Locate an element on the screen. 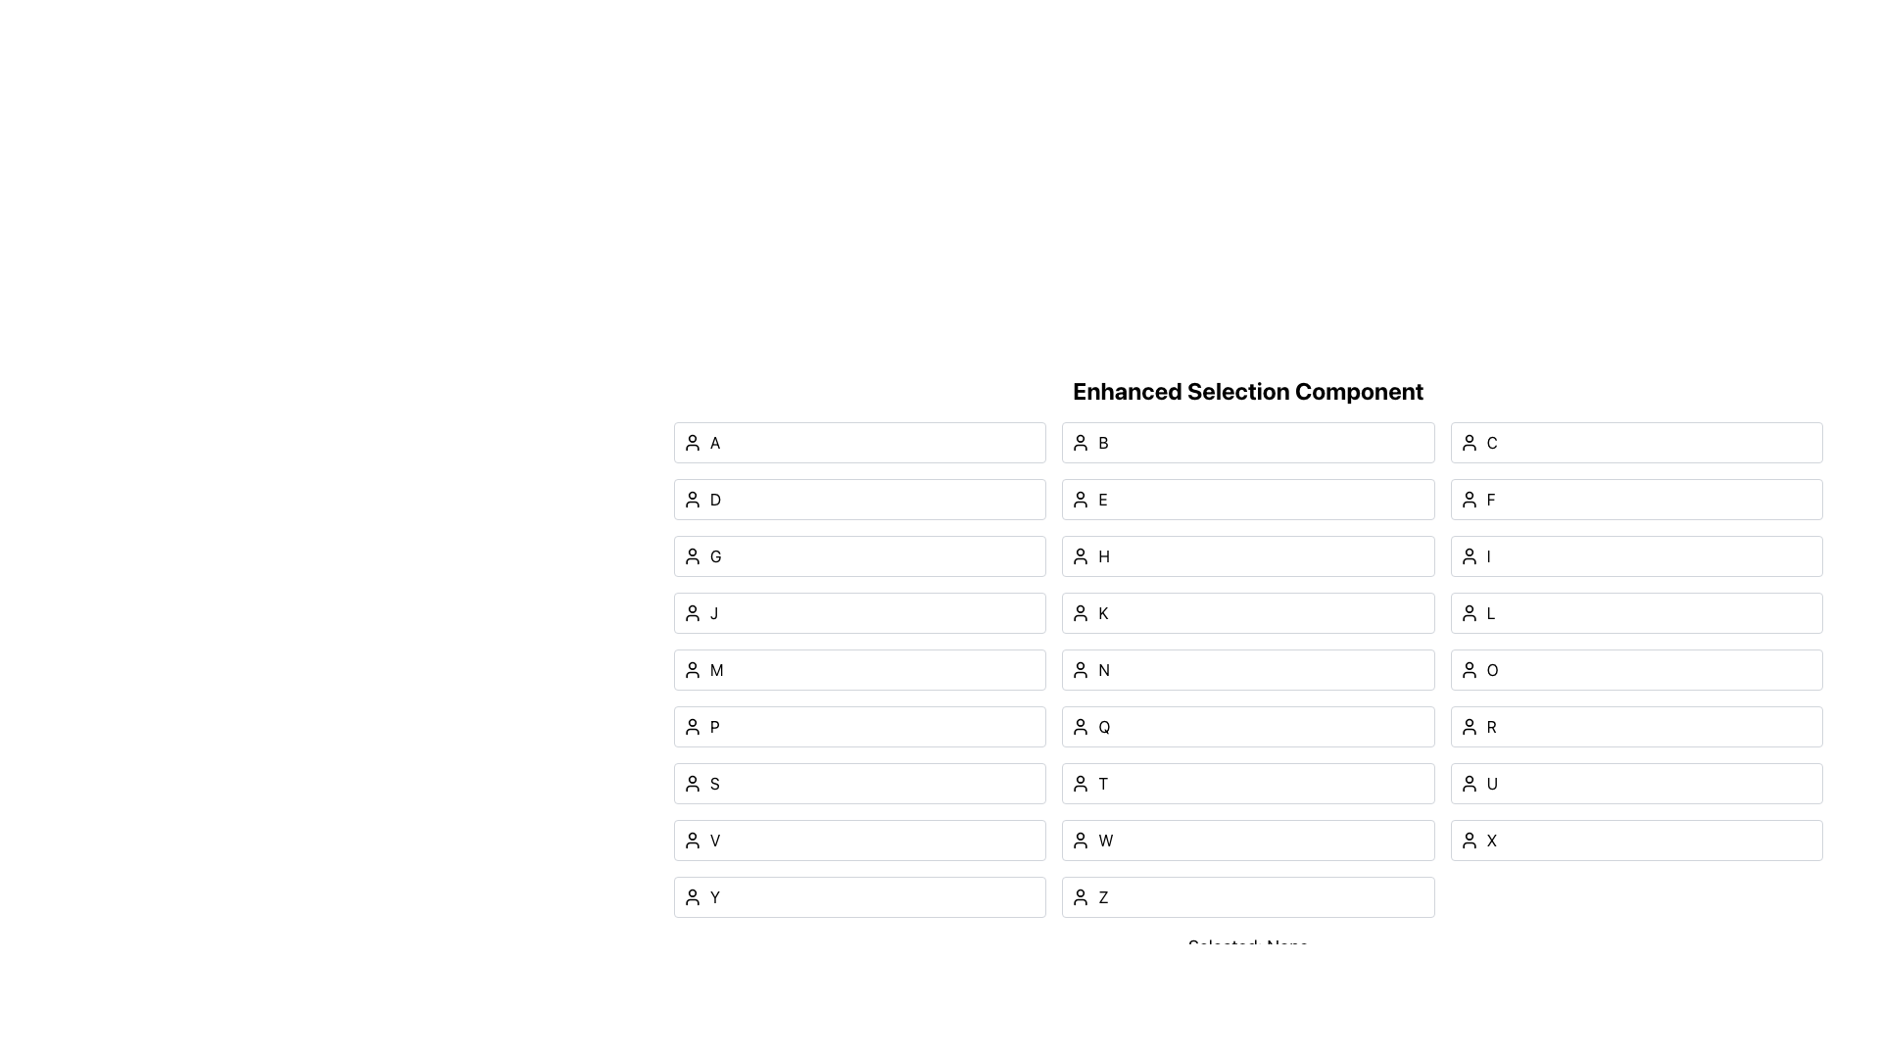  the graphical icon representing a standard user silhouette located to the left of the label 'D' in the second element of the first column of the grid layout is located at coordinates (692, 498).